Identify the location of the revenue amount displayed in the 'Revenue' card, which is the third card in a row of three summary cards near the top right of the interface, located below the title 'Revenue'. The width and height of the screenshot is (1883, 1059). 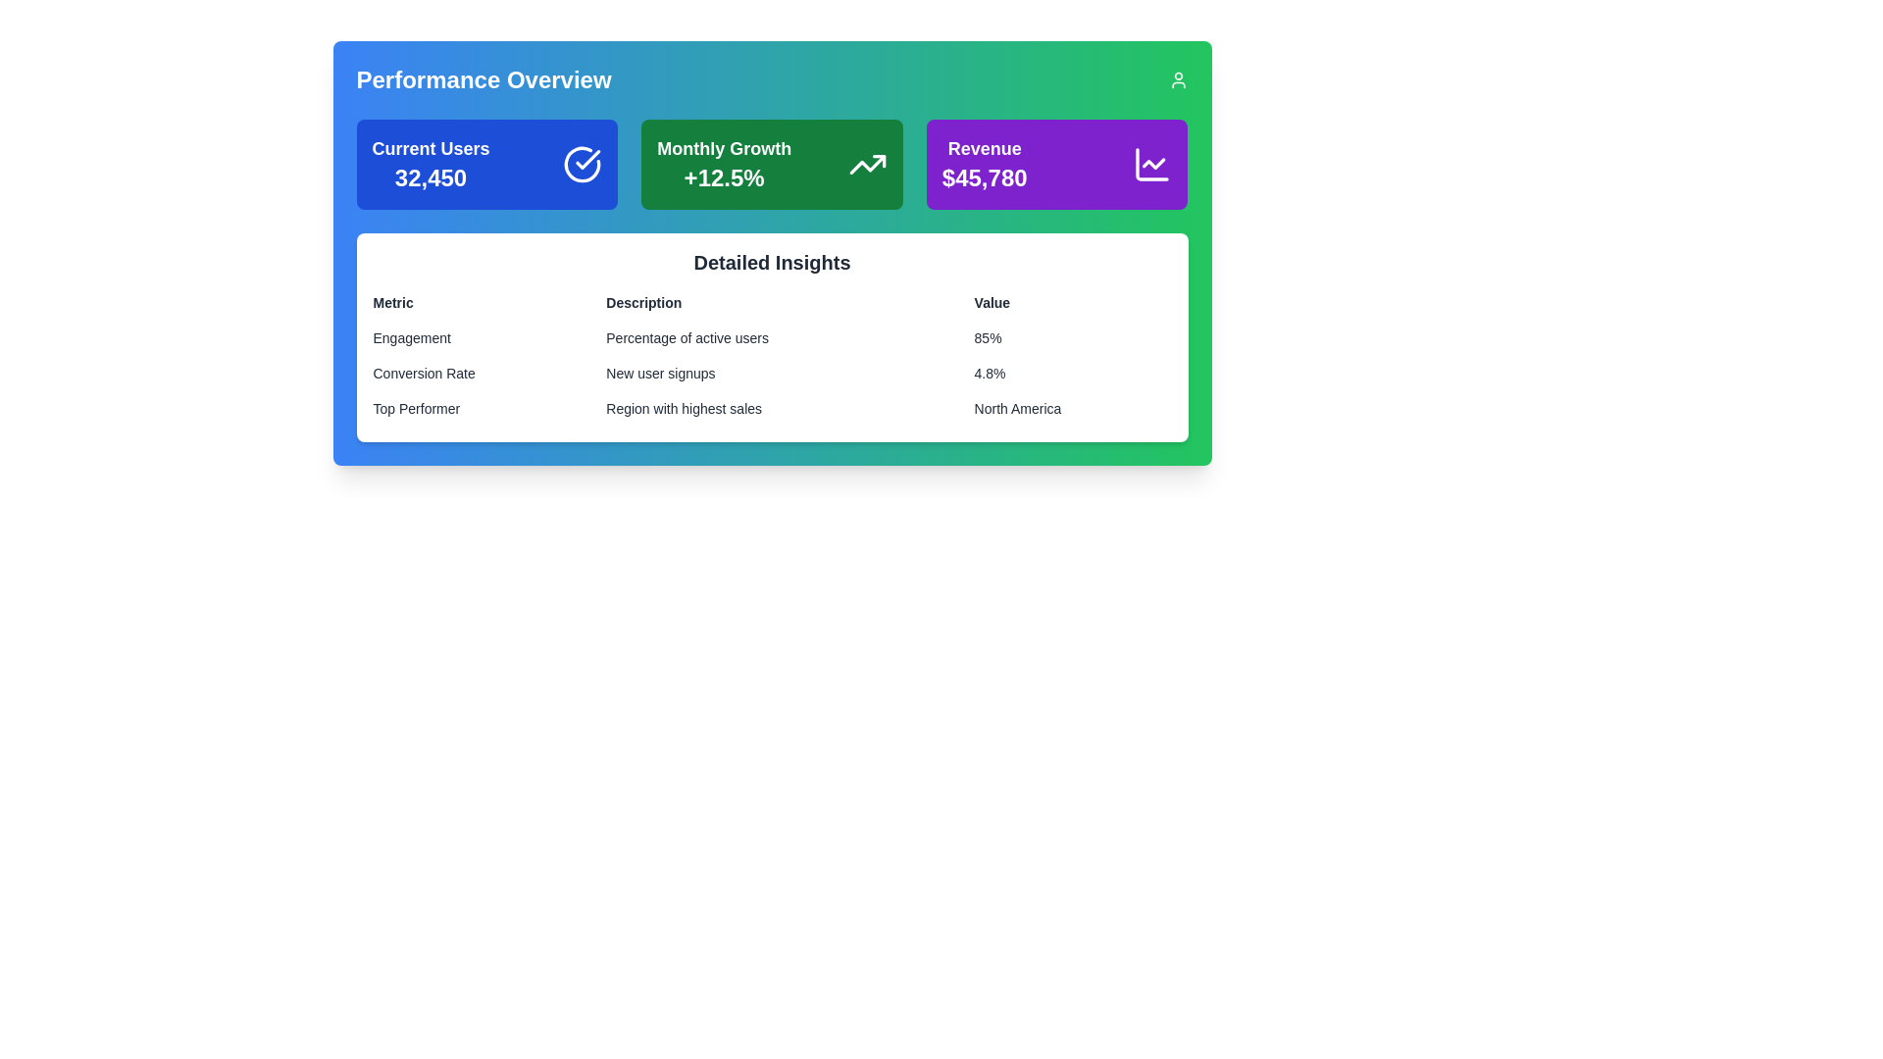
(985, 177).